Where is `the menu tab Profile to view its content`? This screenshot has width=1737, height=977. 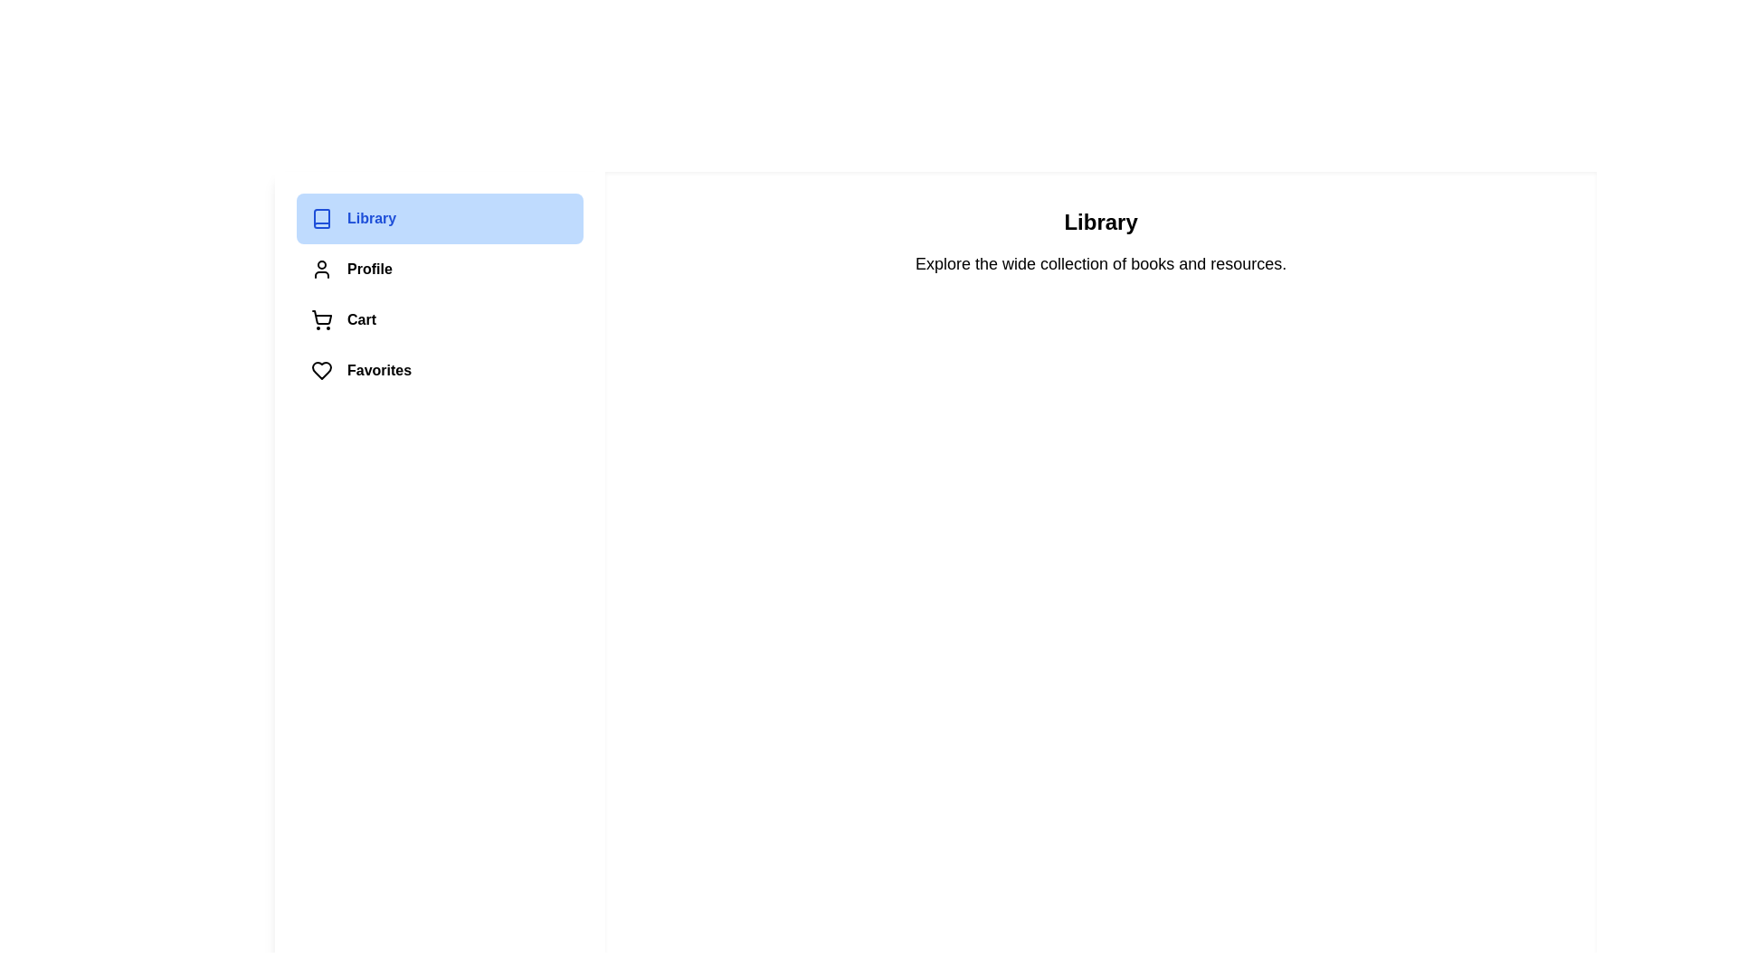 the menu tab Profile to view its content is located at coordinates (439, 269).